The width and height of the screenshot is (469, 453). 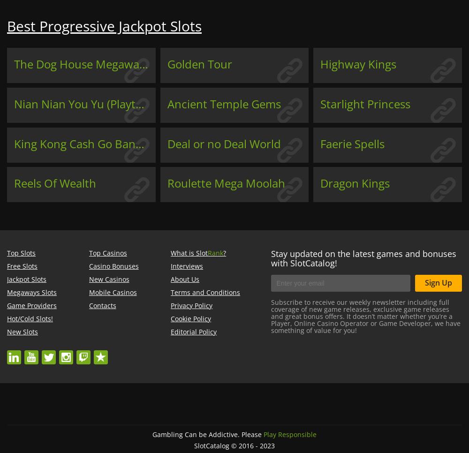 I want to click on 'Nian Nian You Yu (Playtech)', so click(x=86, y=103).